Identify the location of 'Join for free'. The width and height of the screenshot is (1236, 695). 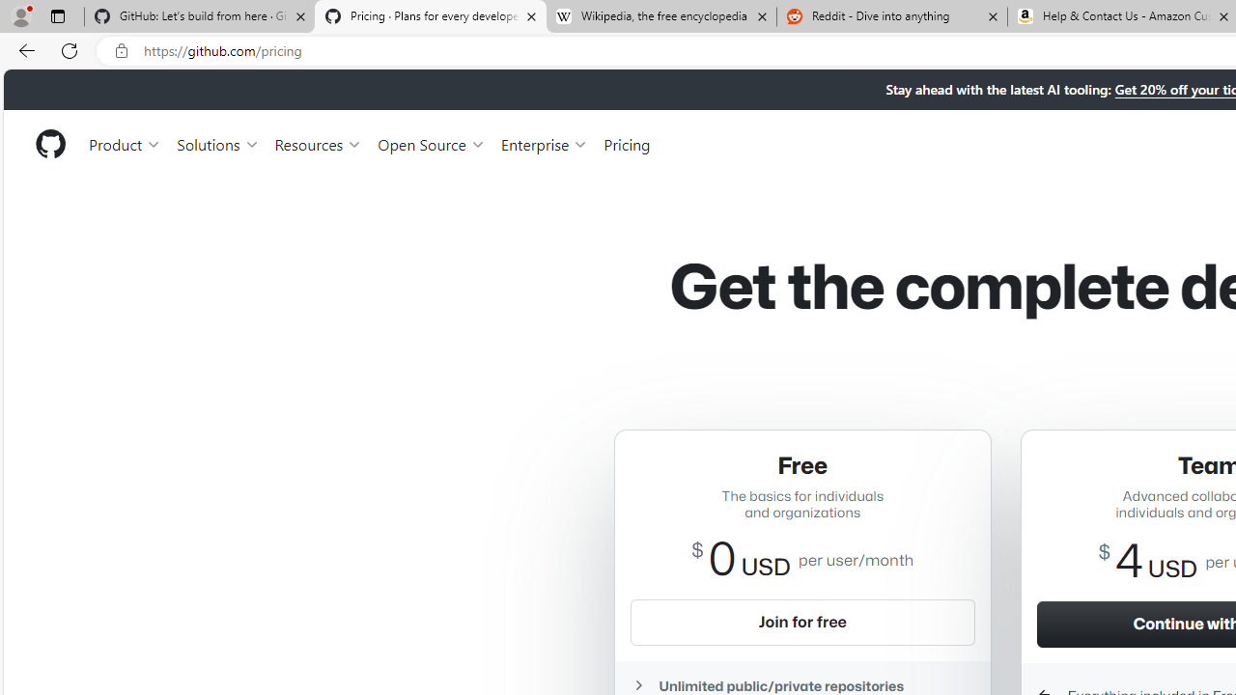
(801, 622).